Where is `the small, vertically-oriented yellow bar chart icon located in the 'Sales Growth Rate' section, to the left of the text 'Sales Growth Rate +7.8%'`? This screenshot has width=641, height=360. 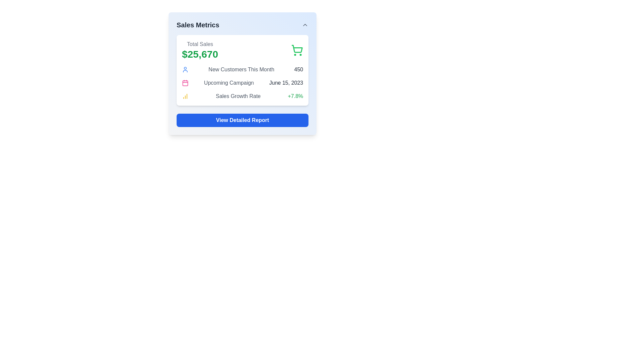
the small, vertically-oriented yellow bar chart icon located in the 'Sales Growth Rate' section, to the left of the text 'Sales Growth Rate +7.8%' is located at coordinates (185, 96).